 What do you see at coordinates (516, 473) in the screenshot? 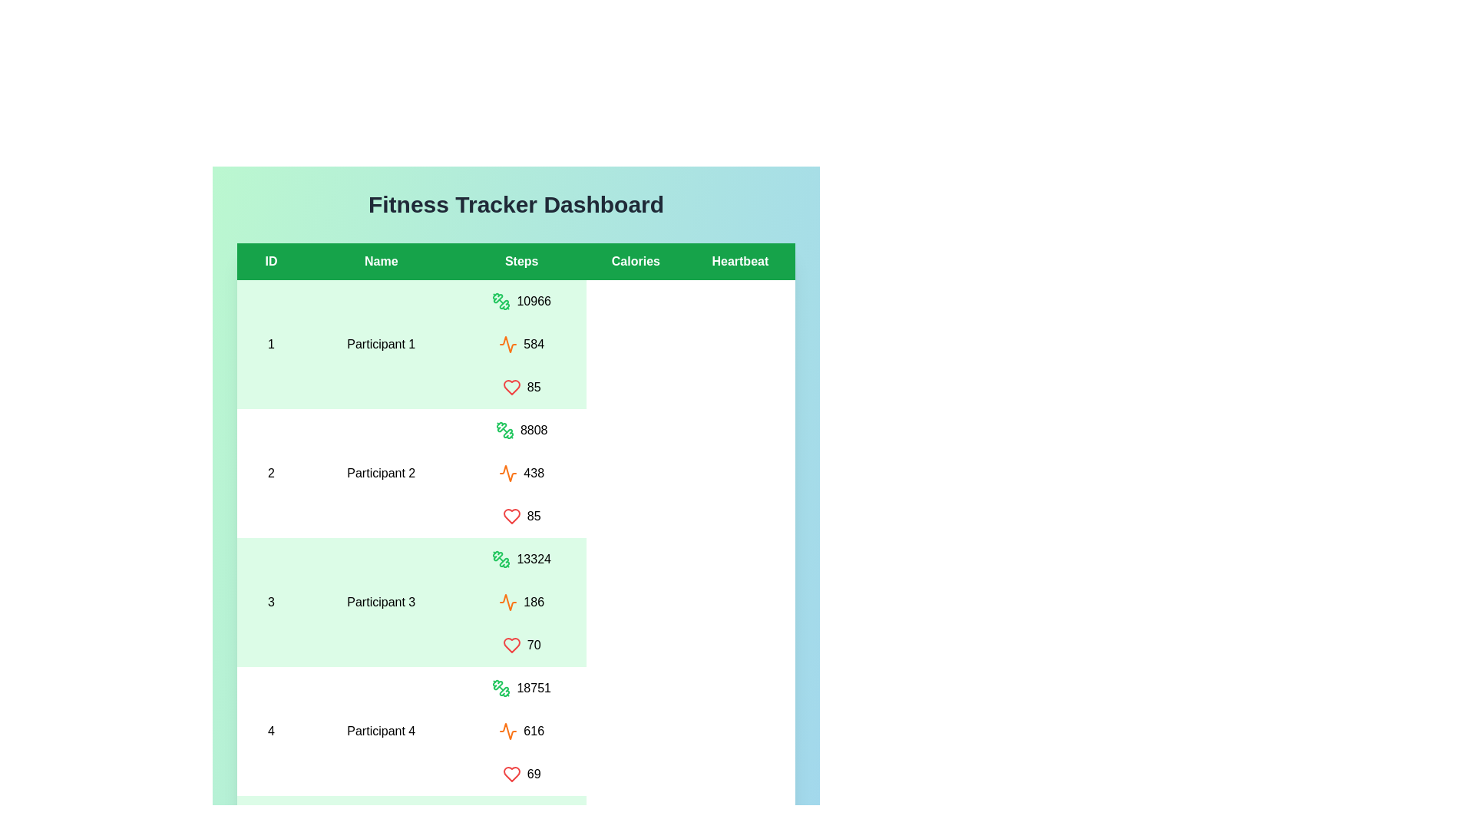
I see `the row corresponding to participant 2` at bounding box center [516, 473].